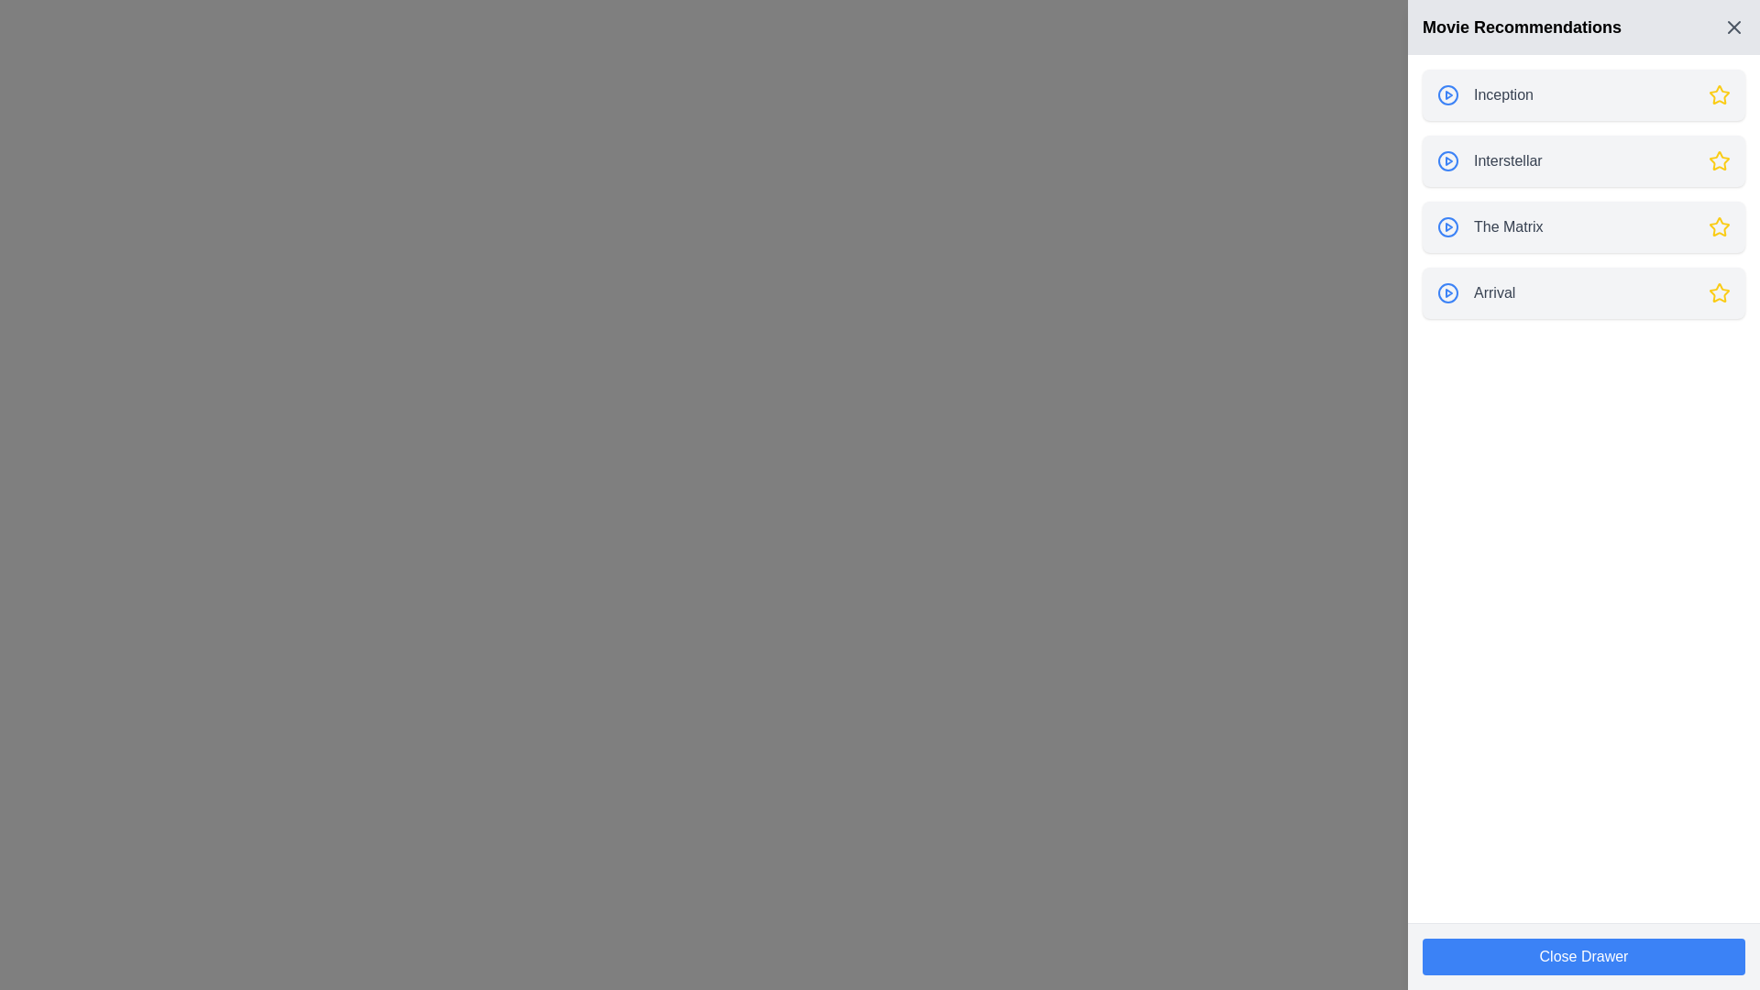 This screenshot has height=990, width=1760. Describe the element at coordinates (1446, 225) in the screenshot. I see `the play button for 'The Matrix', located at the leftmost position of the recommendations row` at that location.